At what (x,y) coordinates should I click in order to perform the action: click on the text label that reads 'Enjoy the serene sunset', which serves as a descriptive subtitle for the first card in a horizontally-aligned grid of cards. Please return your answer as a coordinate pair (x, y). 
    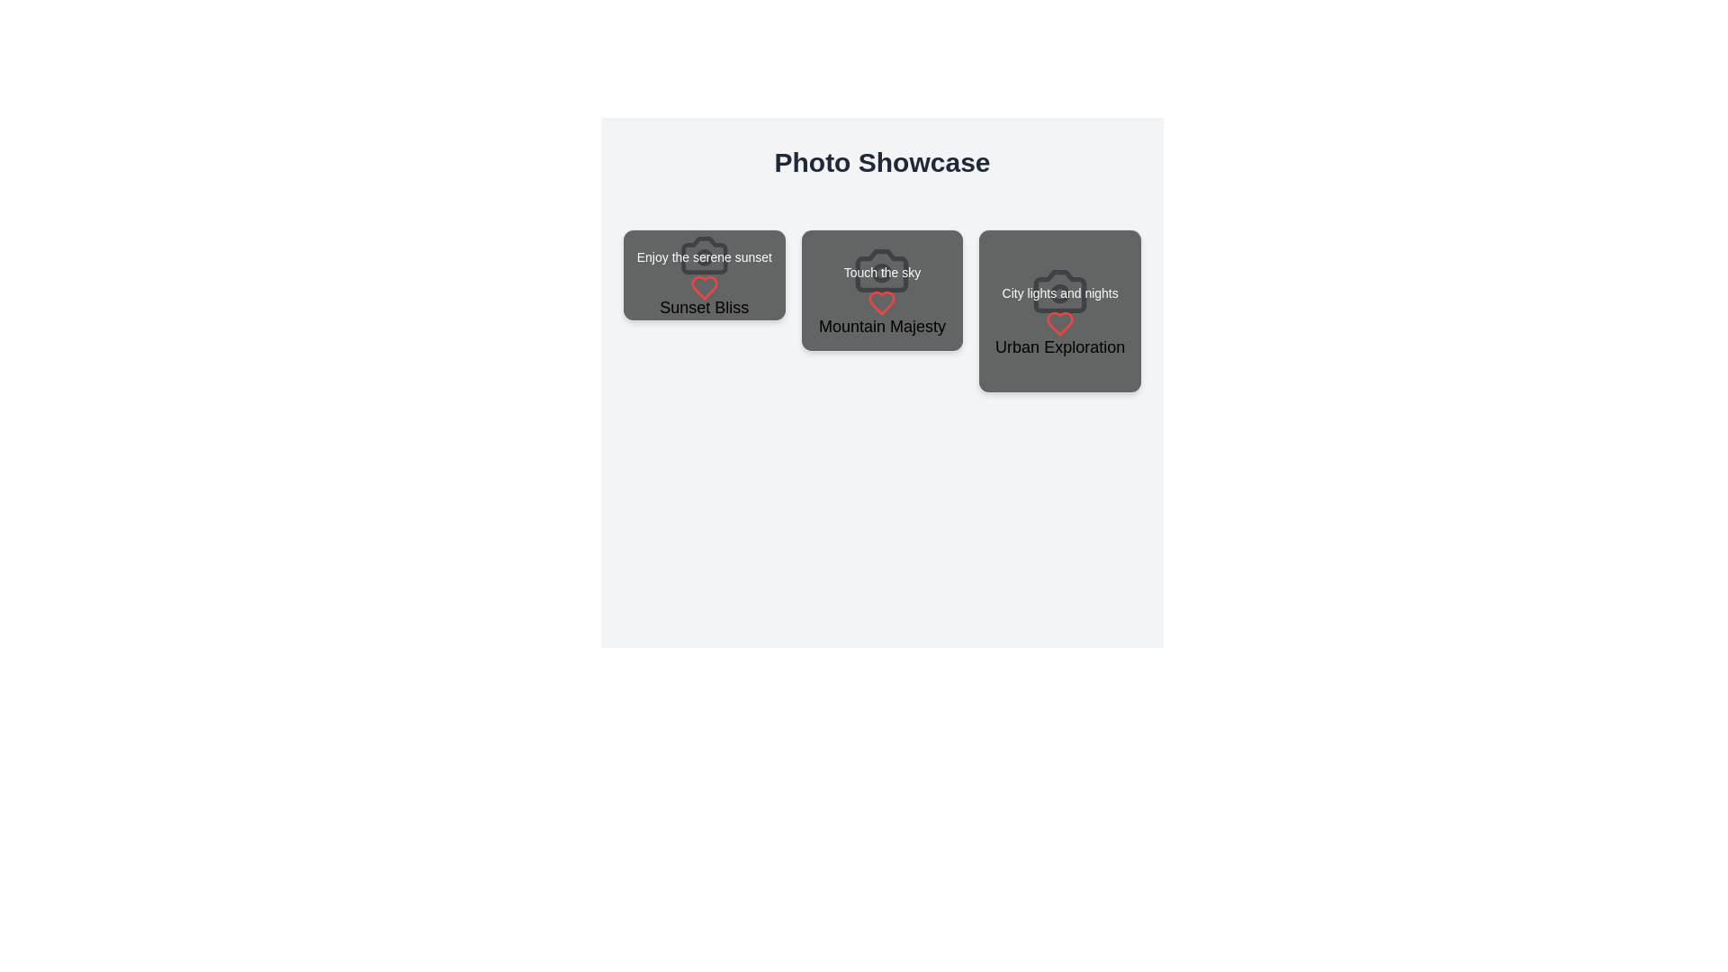
    Looking at the image, I should click on (703, 257).